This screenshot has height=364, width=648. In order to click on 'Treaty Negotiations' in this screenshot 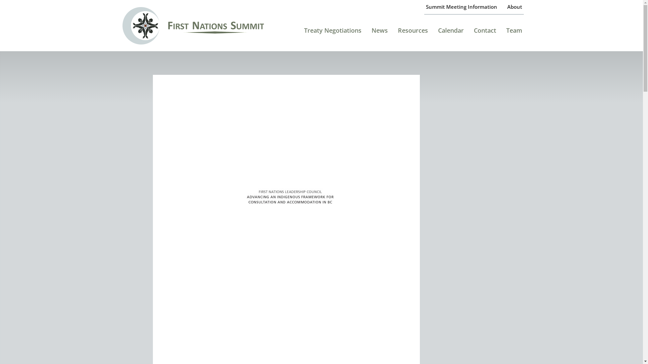, I will do `click(302, 33)`.